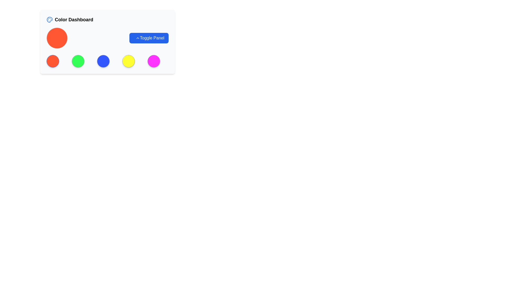 The image size is (505, 284). Describe the element at coordinates (74, 19) in the screenshot. I see `the Text Label labeled 'Color Dashboard', which serves as a header for the color-related functionalities section` at that location.